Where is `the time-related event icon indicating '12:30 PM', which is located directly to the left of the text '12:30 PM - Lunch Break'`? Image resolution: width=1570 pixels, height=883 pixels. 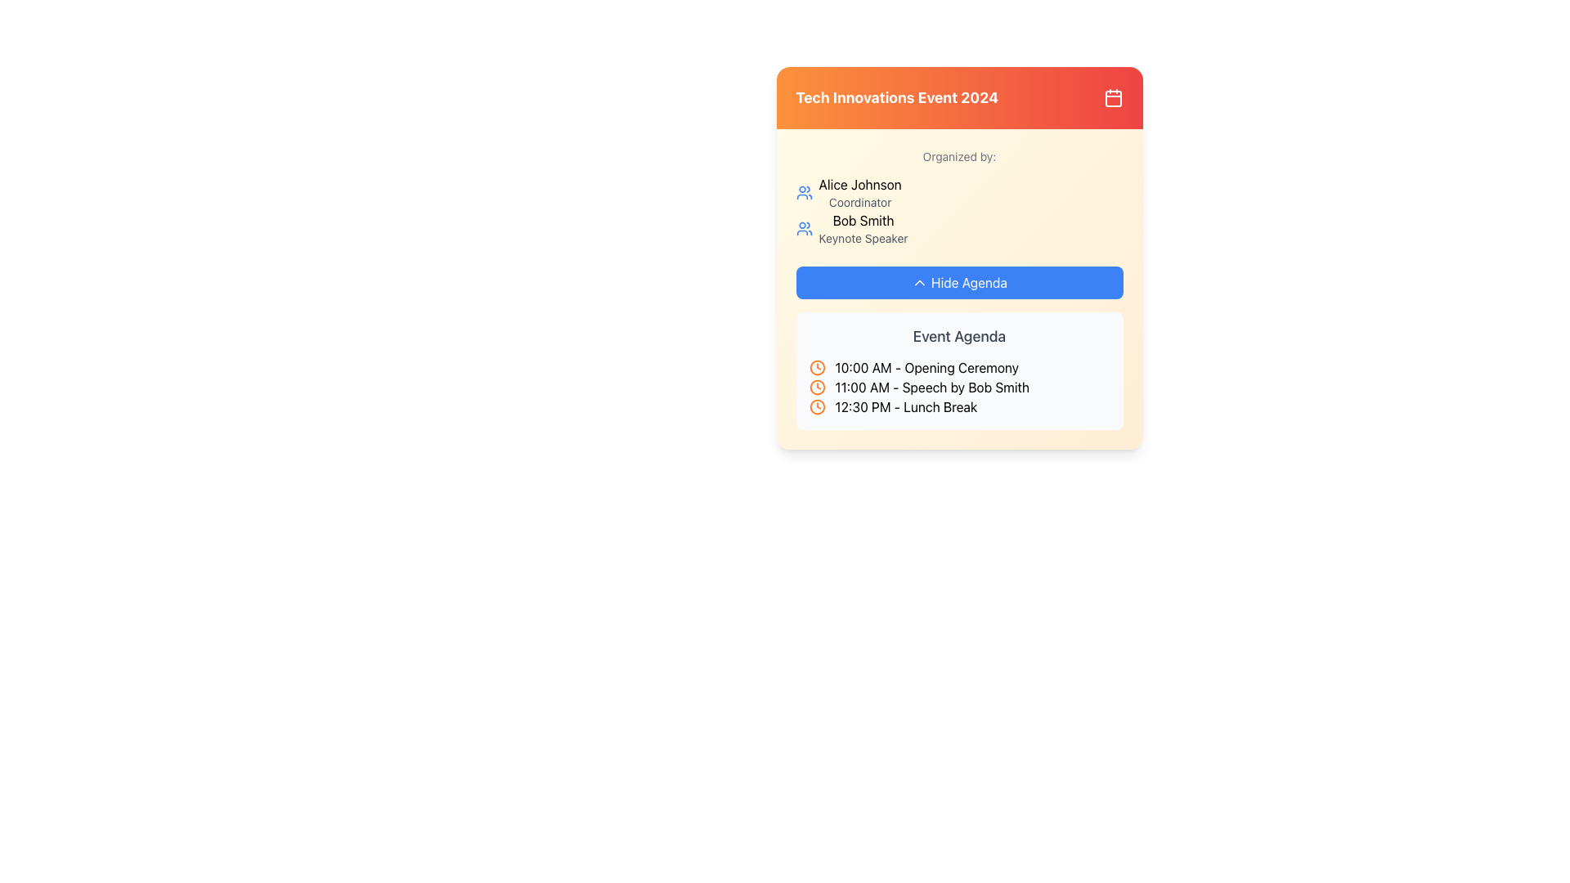 the time-related event icon indicating '12:30 PM', which is located directly to the left of the text '12:30 PM - Lunch Break' is located at coordinates (817, 406).